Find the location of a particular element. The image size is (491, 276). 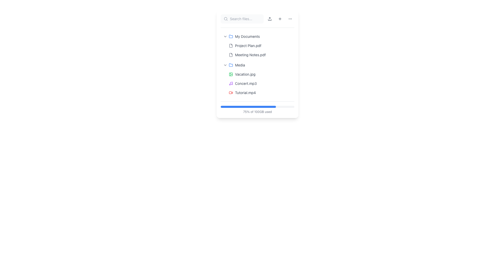

the third button from the left in the row at the top right of the panel is located at coordinates (280, 18).